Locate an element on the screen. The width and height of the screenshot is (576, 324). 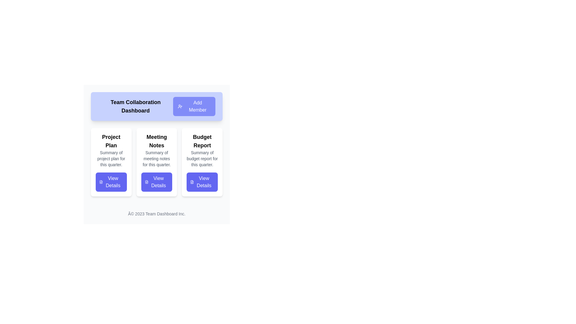
the rounded rectangular button with a purple background and white text reading 'View Details', located at the bottom of the 'Project Plan' card is located at coordinates (111, 181).